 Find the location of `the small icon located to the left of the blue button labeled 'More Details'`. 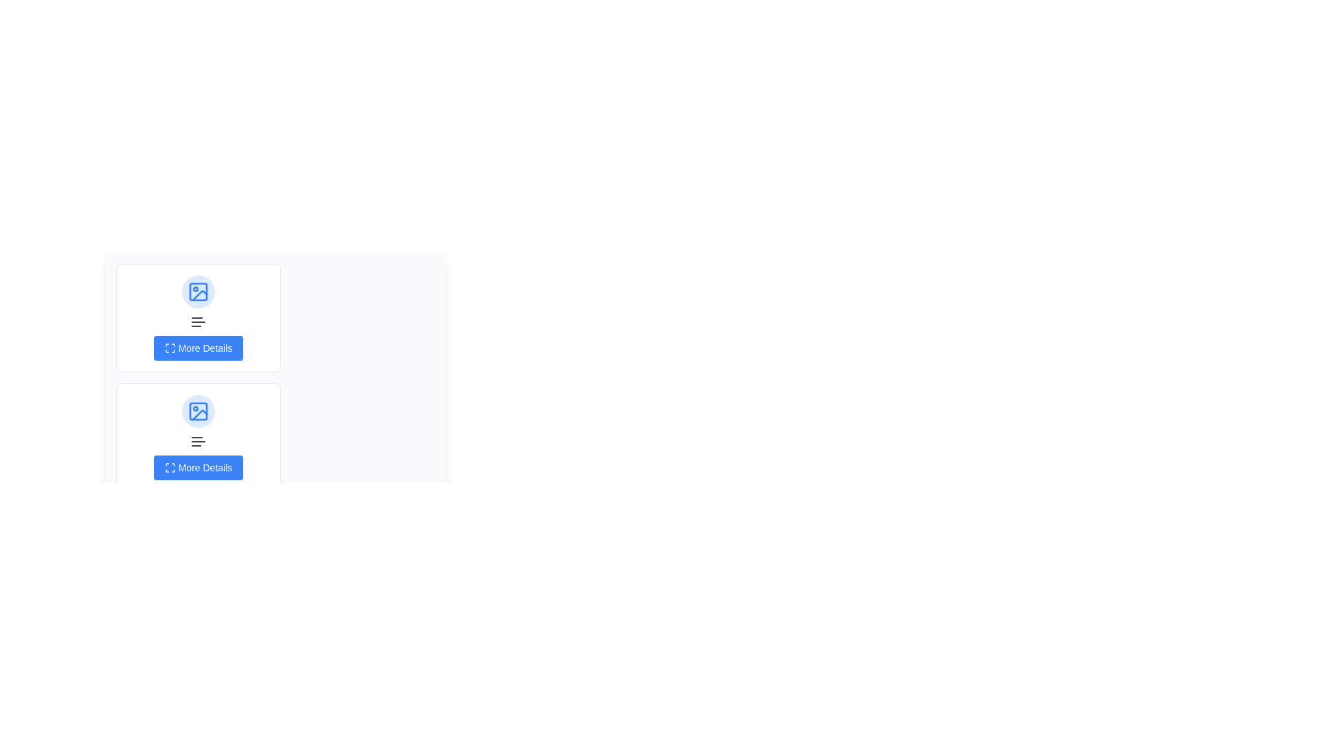

the small icon located to the left of the blue button labeled 'More Details' is located at coordinates (169, 347).